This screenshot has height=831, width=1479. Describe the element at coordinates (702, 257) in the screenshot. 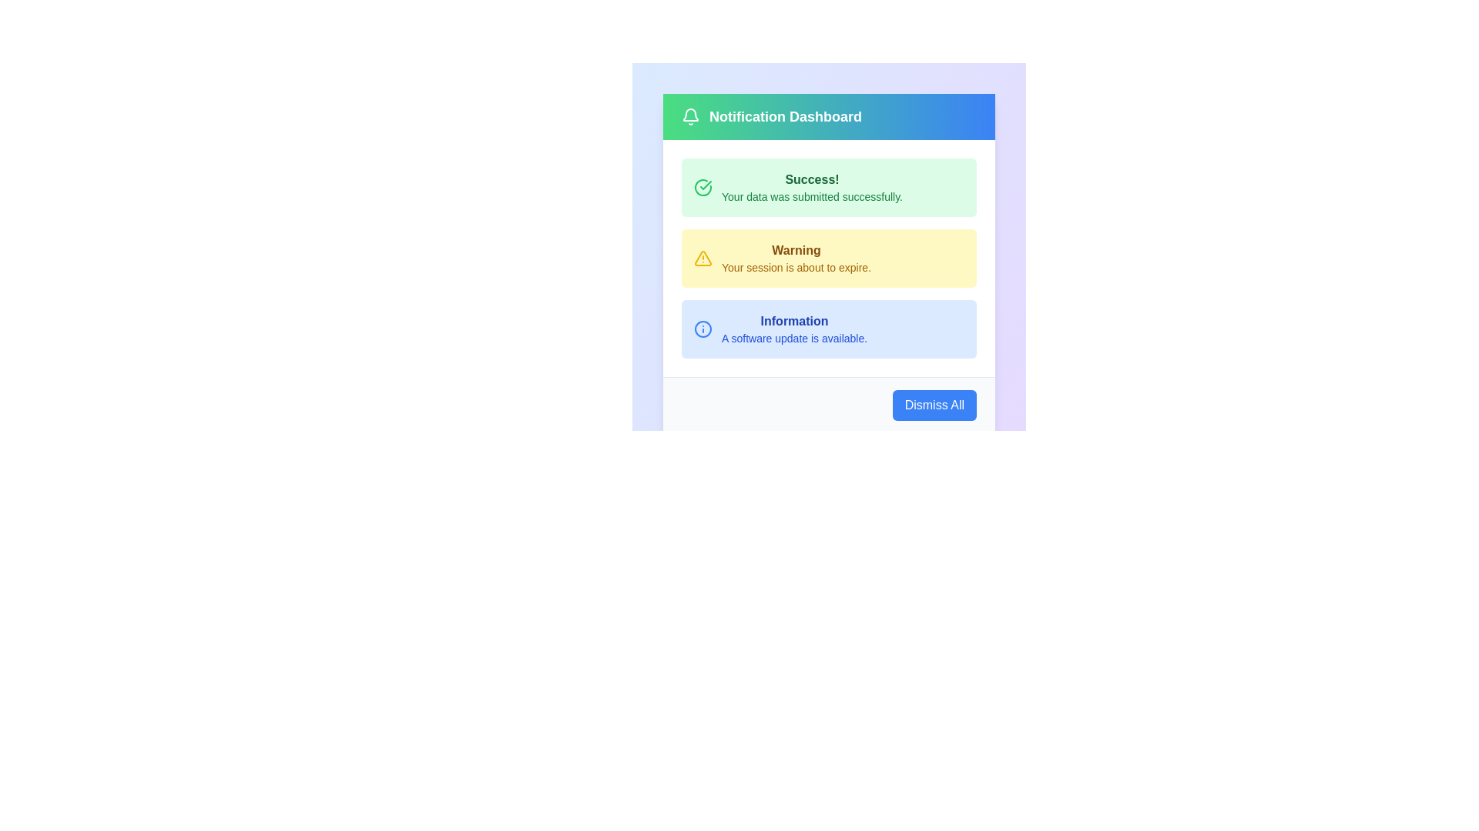

I see `the warning icon located to the left of the 'Warning' text in the yellow notification box under the 'Notification Dashboard'` at that location.